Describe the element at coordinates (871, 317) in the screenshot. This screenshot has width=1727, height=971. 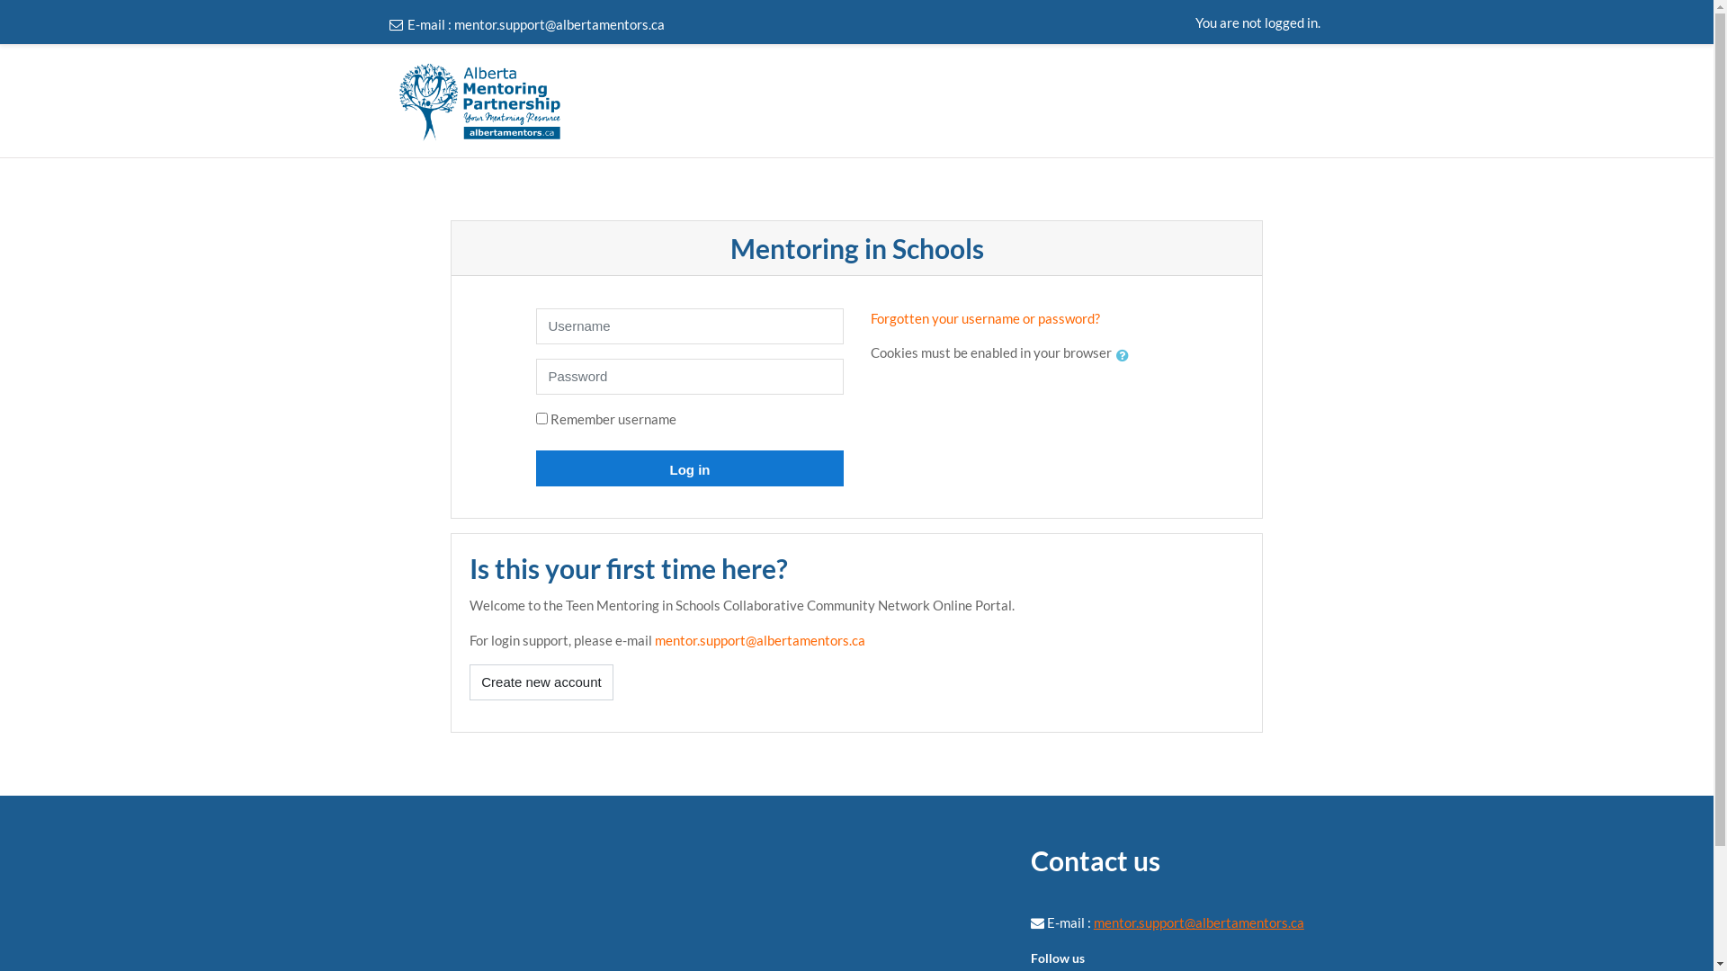
I see `'Forgotten your username or password?'` at that location.